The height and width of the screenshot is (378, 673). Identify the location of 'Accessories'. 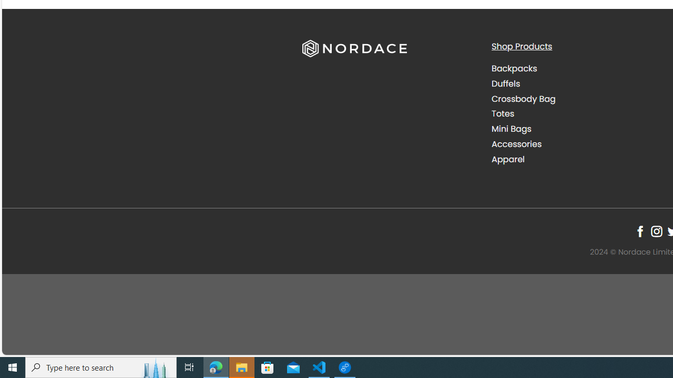
(516, 143).